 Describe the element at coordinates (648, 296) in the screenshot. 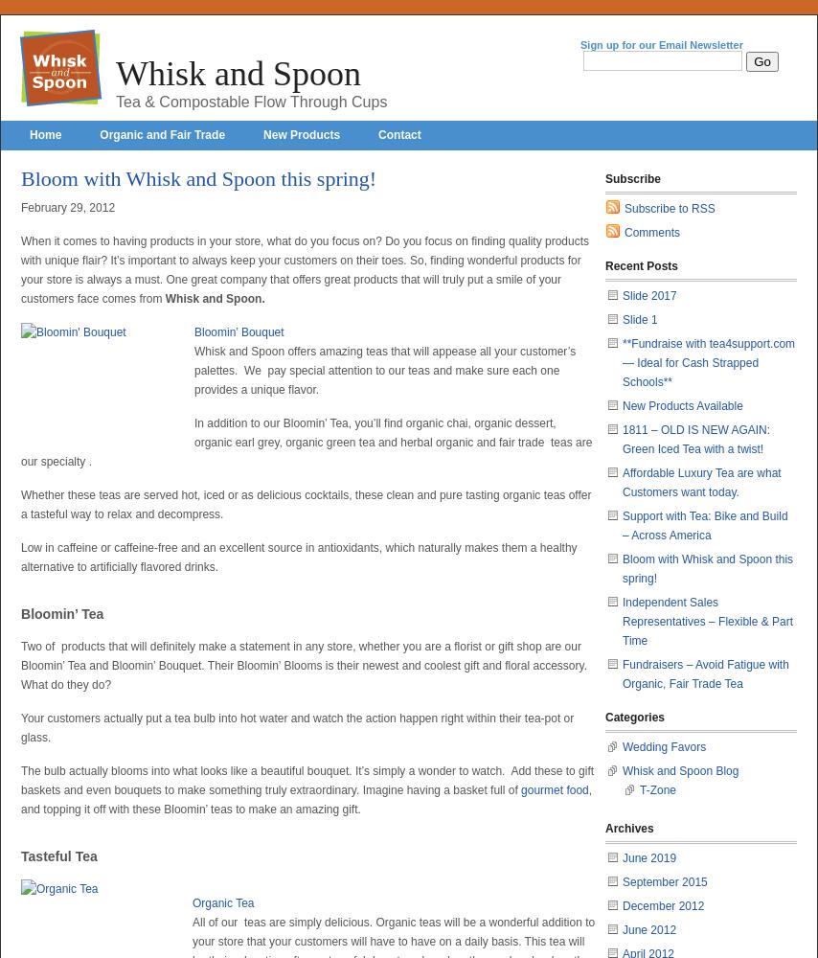

I see `'Slide 2017'` at that location.